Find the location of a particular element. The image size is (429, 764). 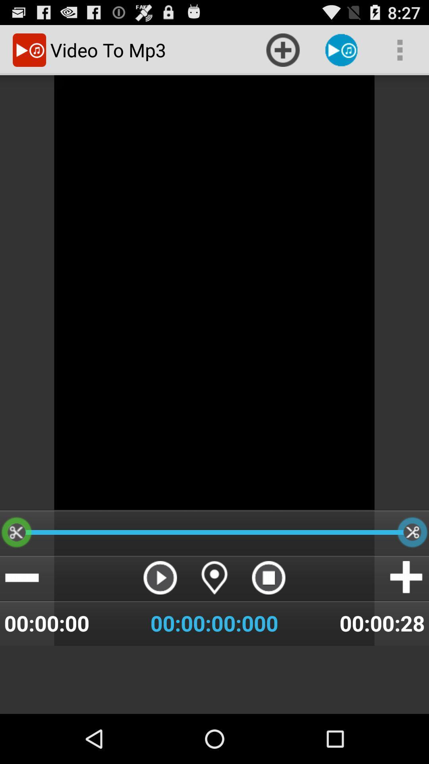

the minus icon is located at coordinates (21, 618).